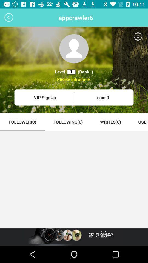 The height and width of the screenshot is (263, 148). Describe the element at coordinates (8, 18) in the screenshot. I see `the arrow_backward icon` at that location.